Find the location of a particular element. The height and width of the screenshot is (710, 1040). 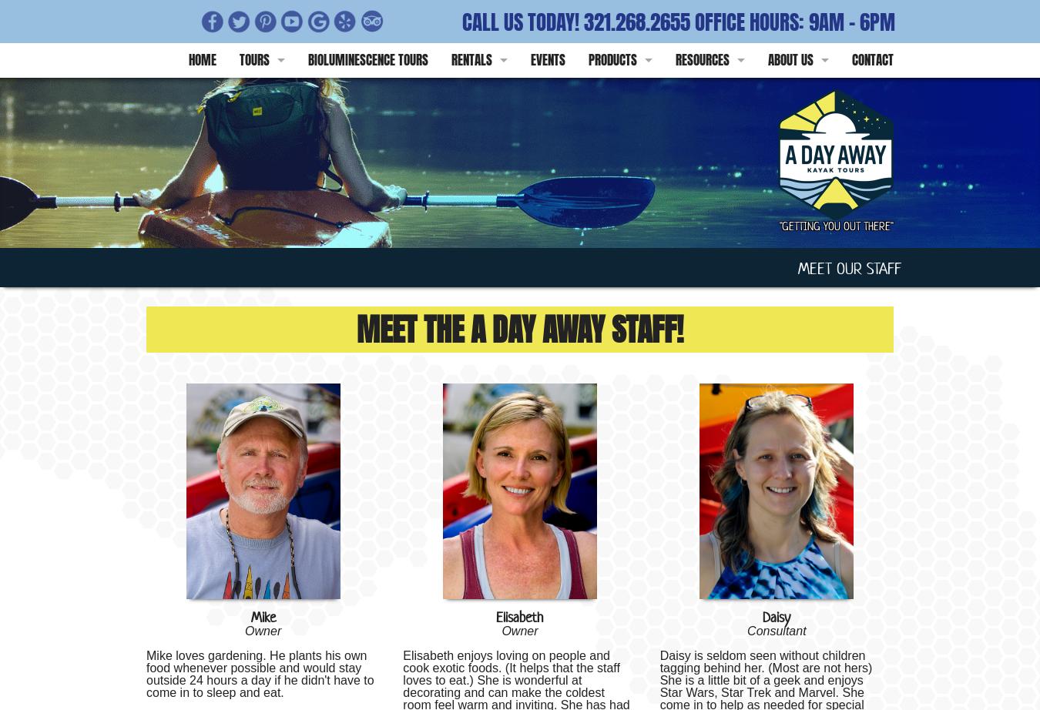

'Mike loves gardening. He plants his own food whenever possible and would stay outside 24 hours a day if he didn't have to come in to sleep and eat.' is located at coordinates (259, 672).